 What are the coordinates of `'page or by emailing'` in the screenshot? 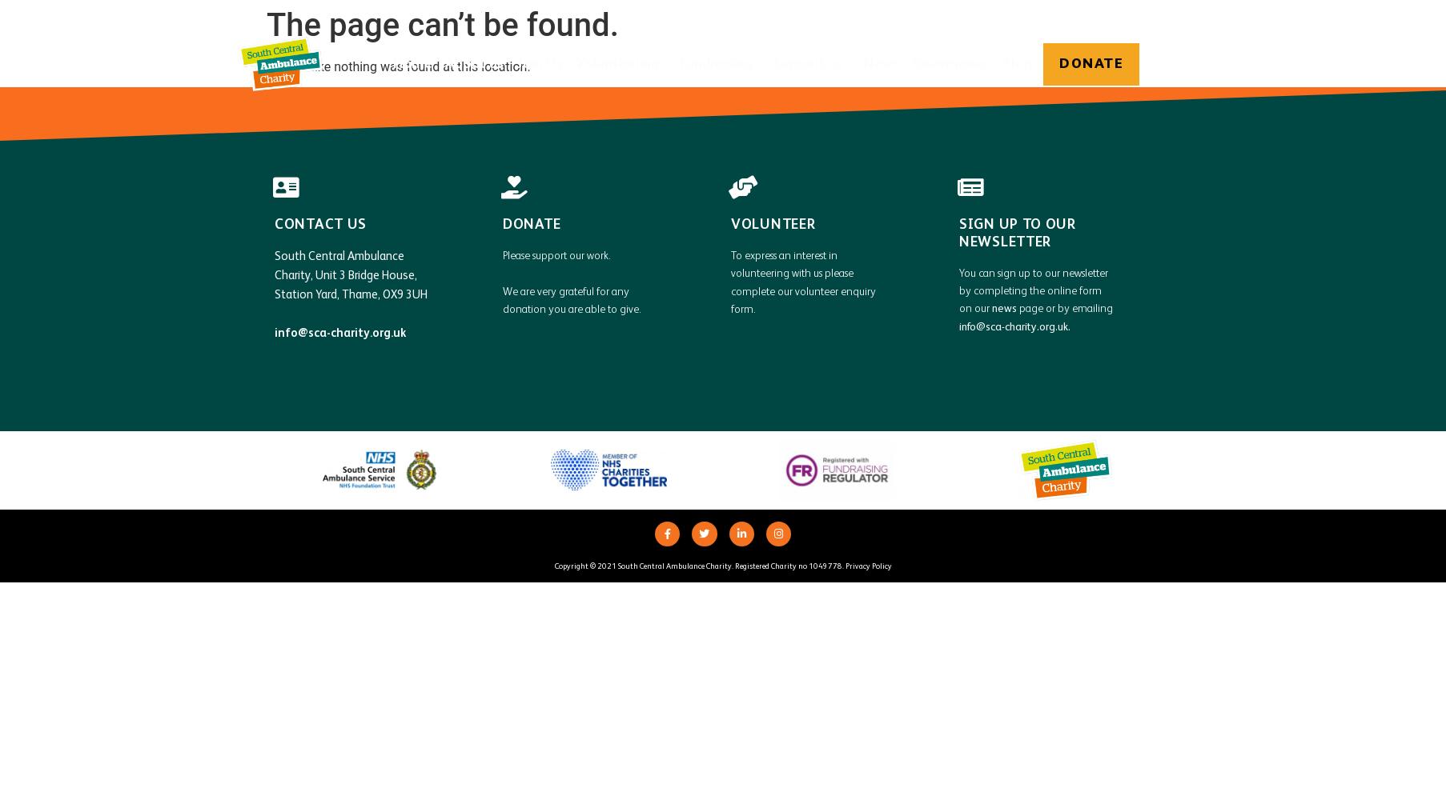 It's located at (1063, 309).